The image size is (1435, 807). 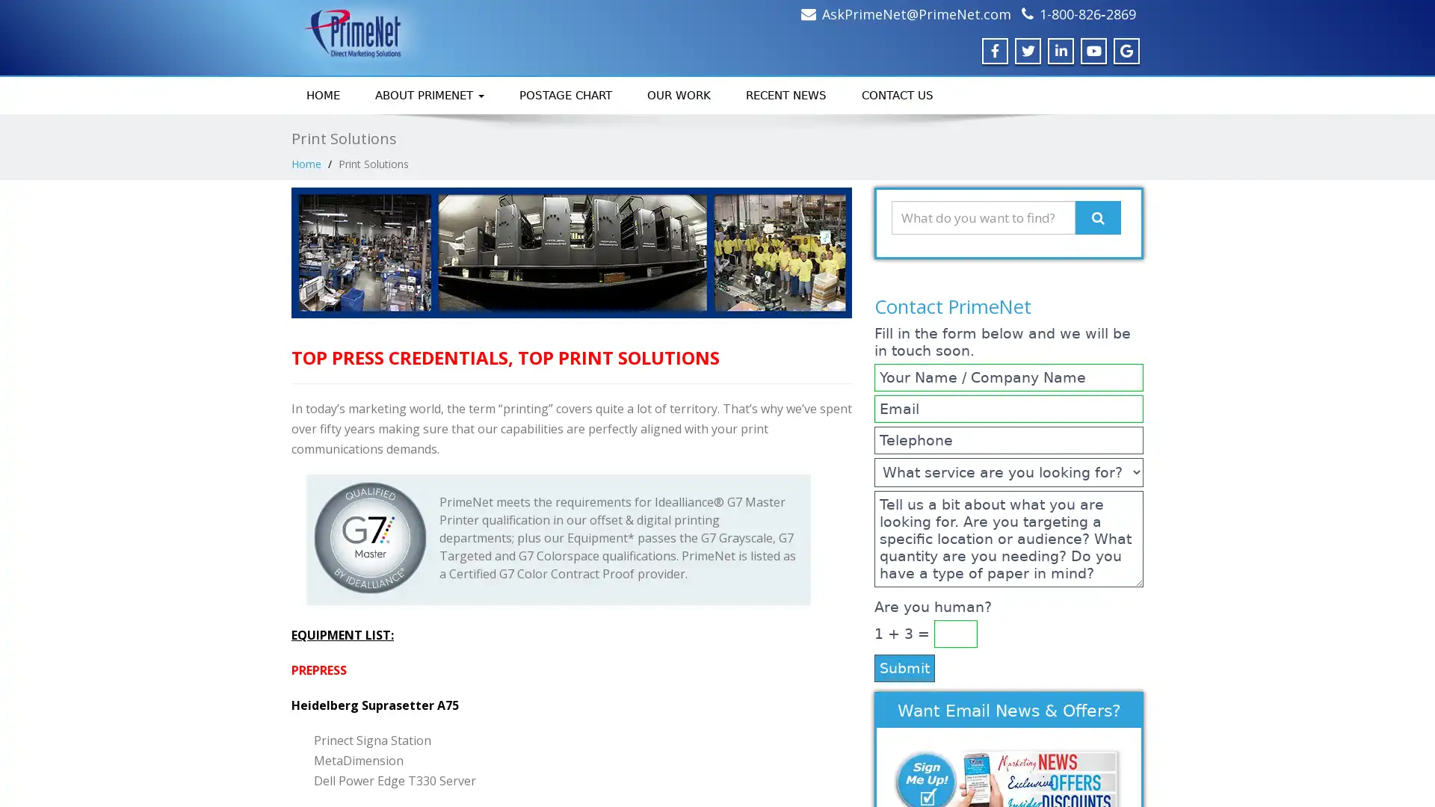 I want to click on Submit, so click(x=904, y=667).